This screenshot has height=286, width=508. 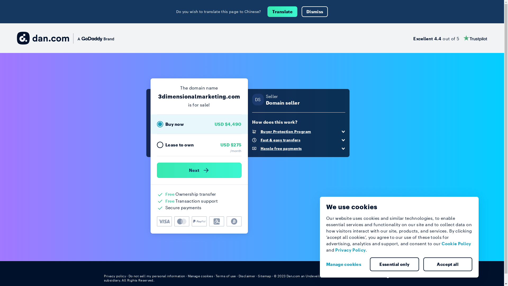 I want to click on 'Dismiss', so click(x=302, y=11).